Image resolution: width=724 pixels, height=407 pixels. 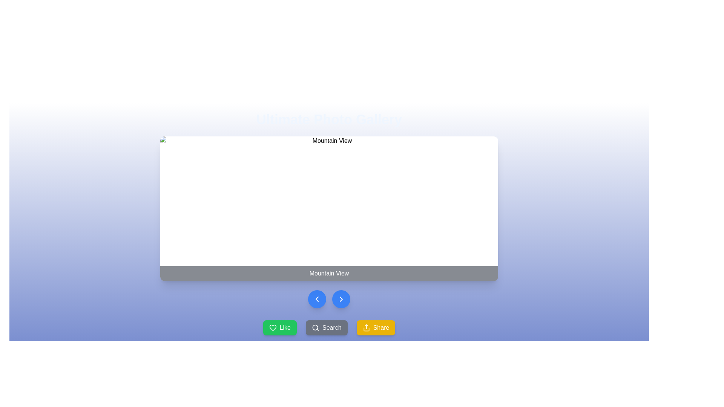 I want to click on the 'Like' button which contains the text label and is located within a green button at the bottom of the interface, so click(x=284, y=327).